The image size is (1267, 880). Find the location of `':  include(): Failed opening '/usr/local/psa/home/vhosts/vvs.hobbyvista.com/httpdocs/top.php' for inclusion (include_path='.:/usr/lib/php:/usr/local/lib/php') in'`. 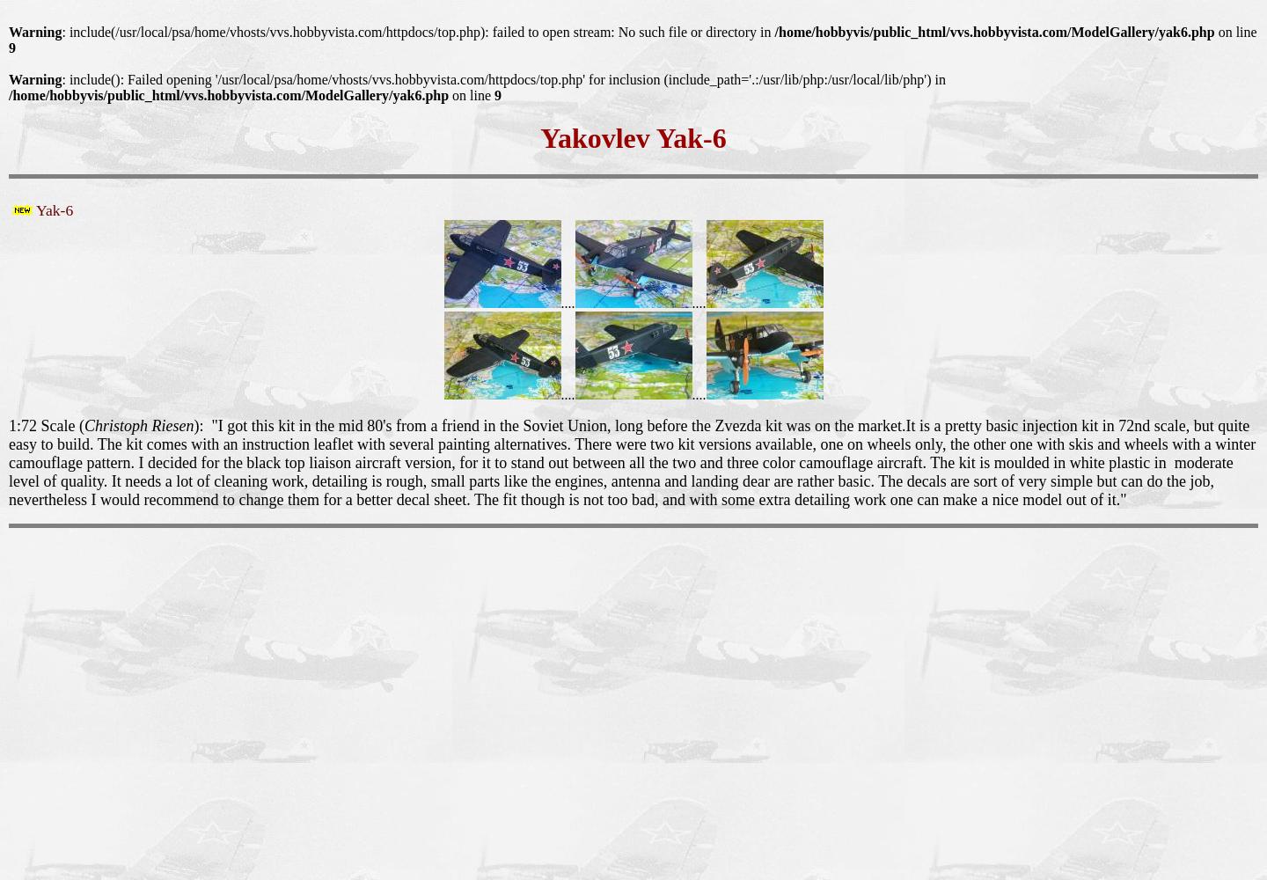

':  include(): Failed opening '/usr/local/psa/home/vhosts/vvs.hobbyvista.com/httpdocs/top.php' for inclusion (include_path='.:/usr/lib/php:/usr/local/lib/php') in' is located at coordinates (502, 78).